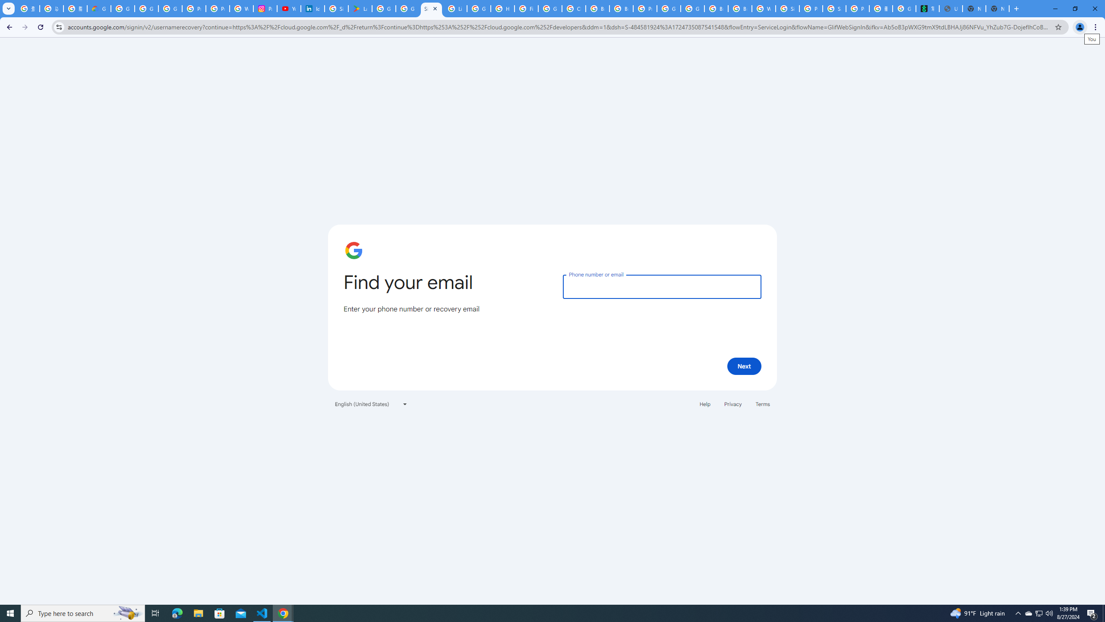  Describe the element at coordinates (431, 8) in the screenshot. I see `'Sign in - Google Accounts'` at that location.